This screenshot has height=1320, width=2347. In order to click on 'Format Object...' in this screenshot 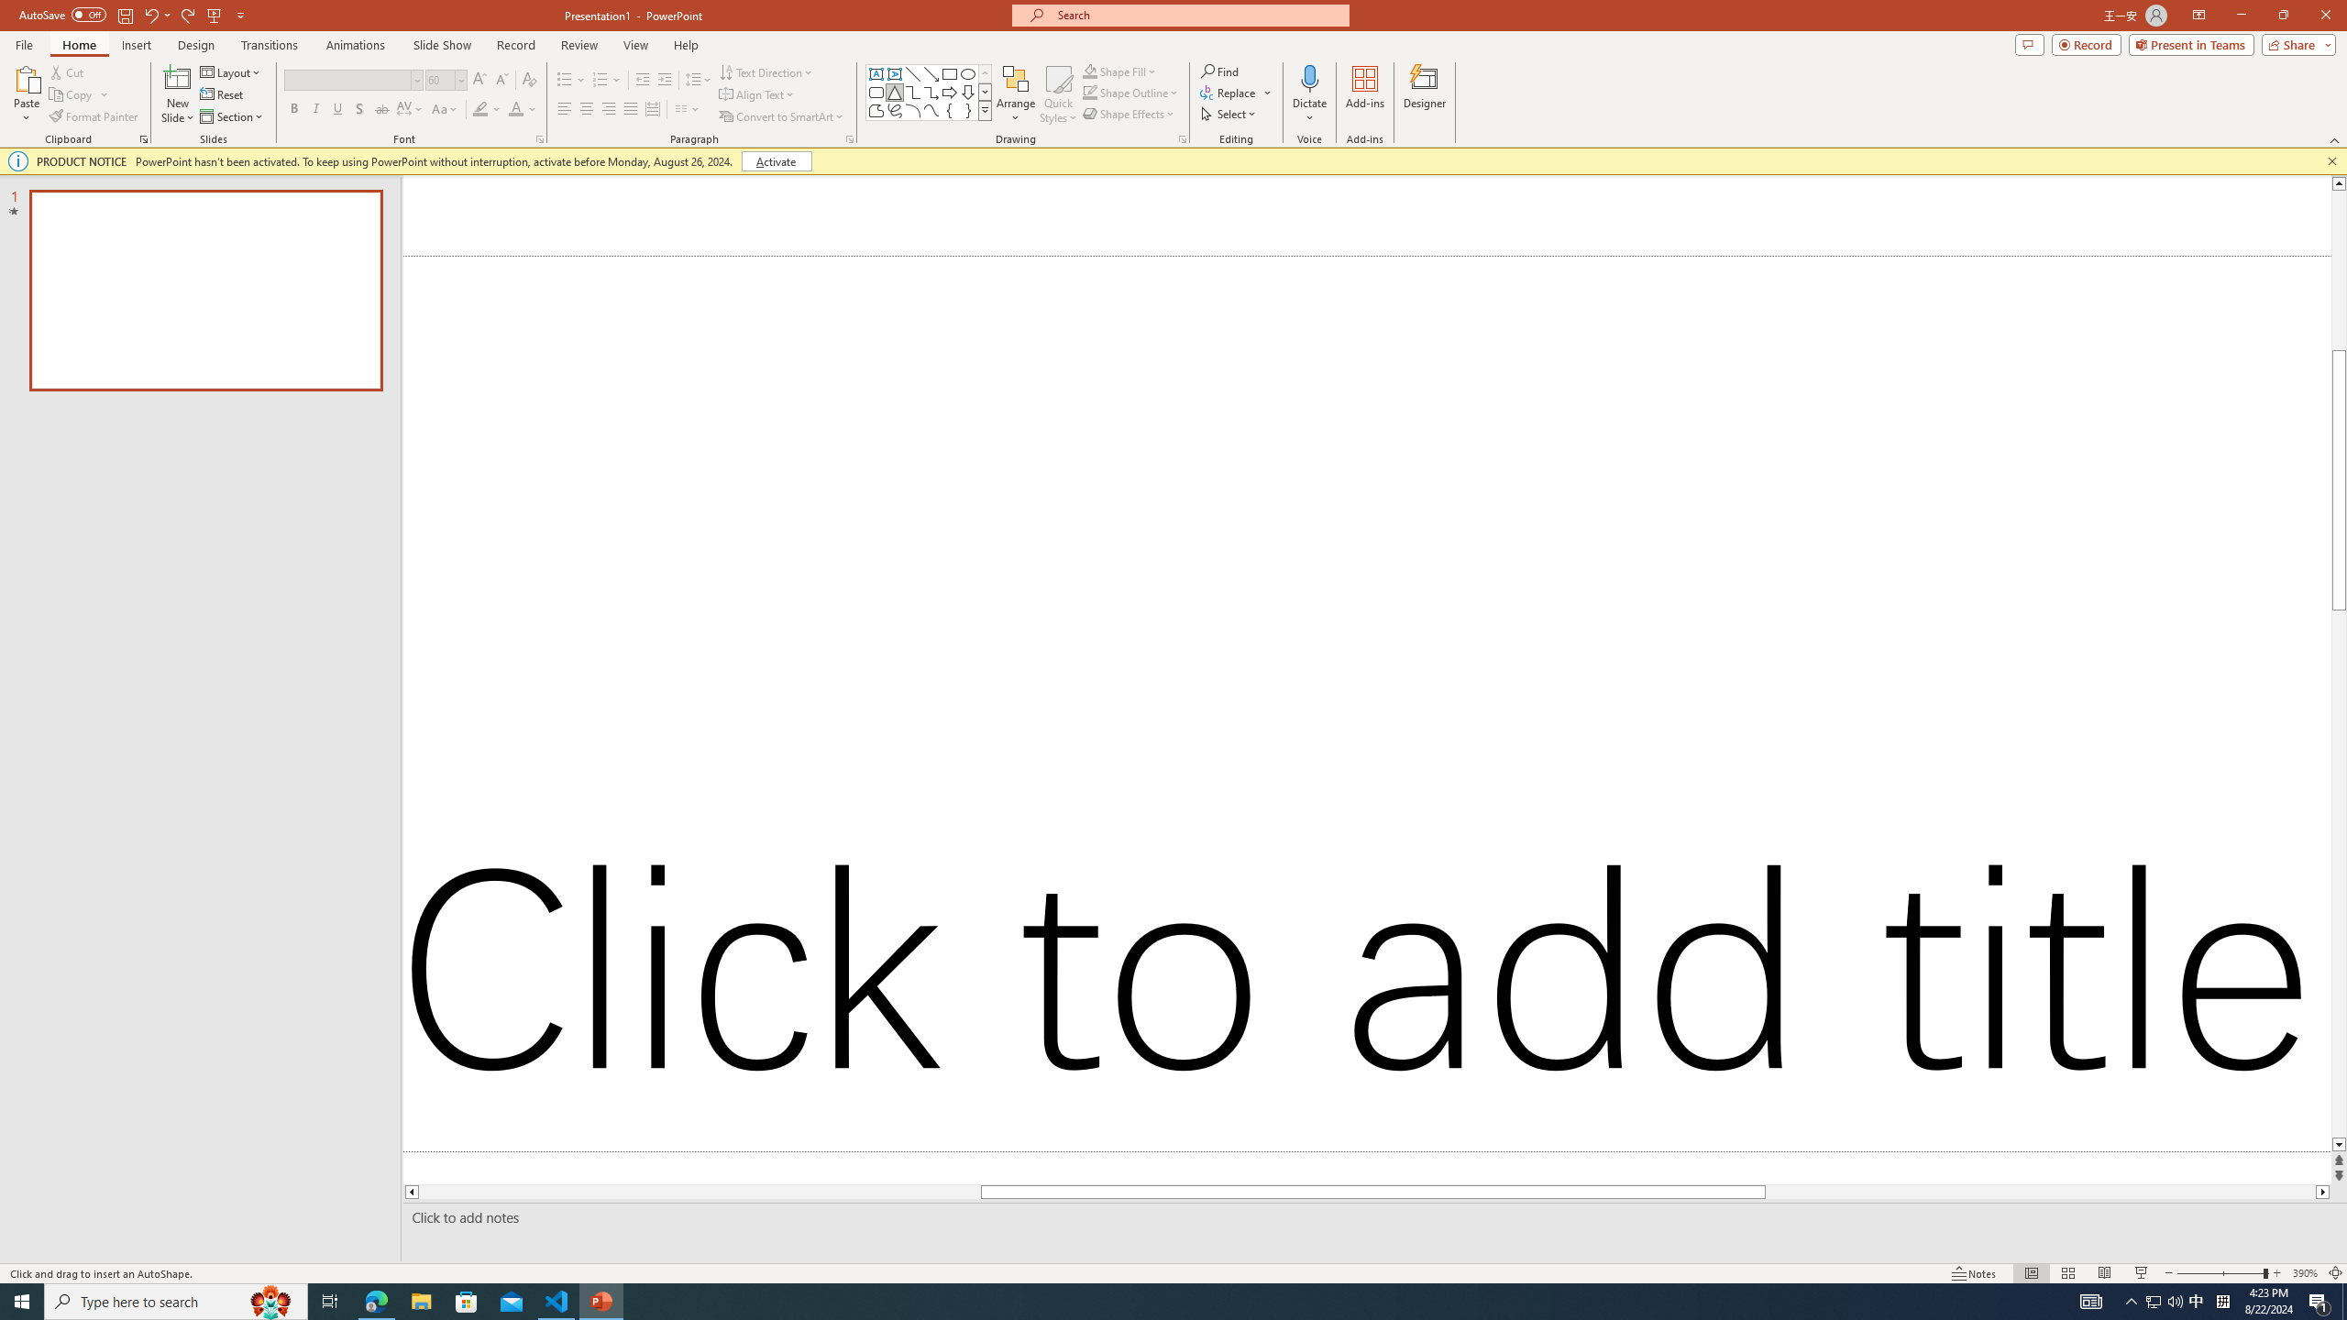, I will do `click(1182, 137)`.